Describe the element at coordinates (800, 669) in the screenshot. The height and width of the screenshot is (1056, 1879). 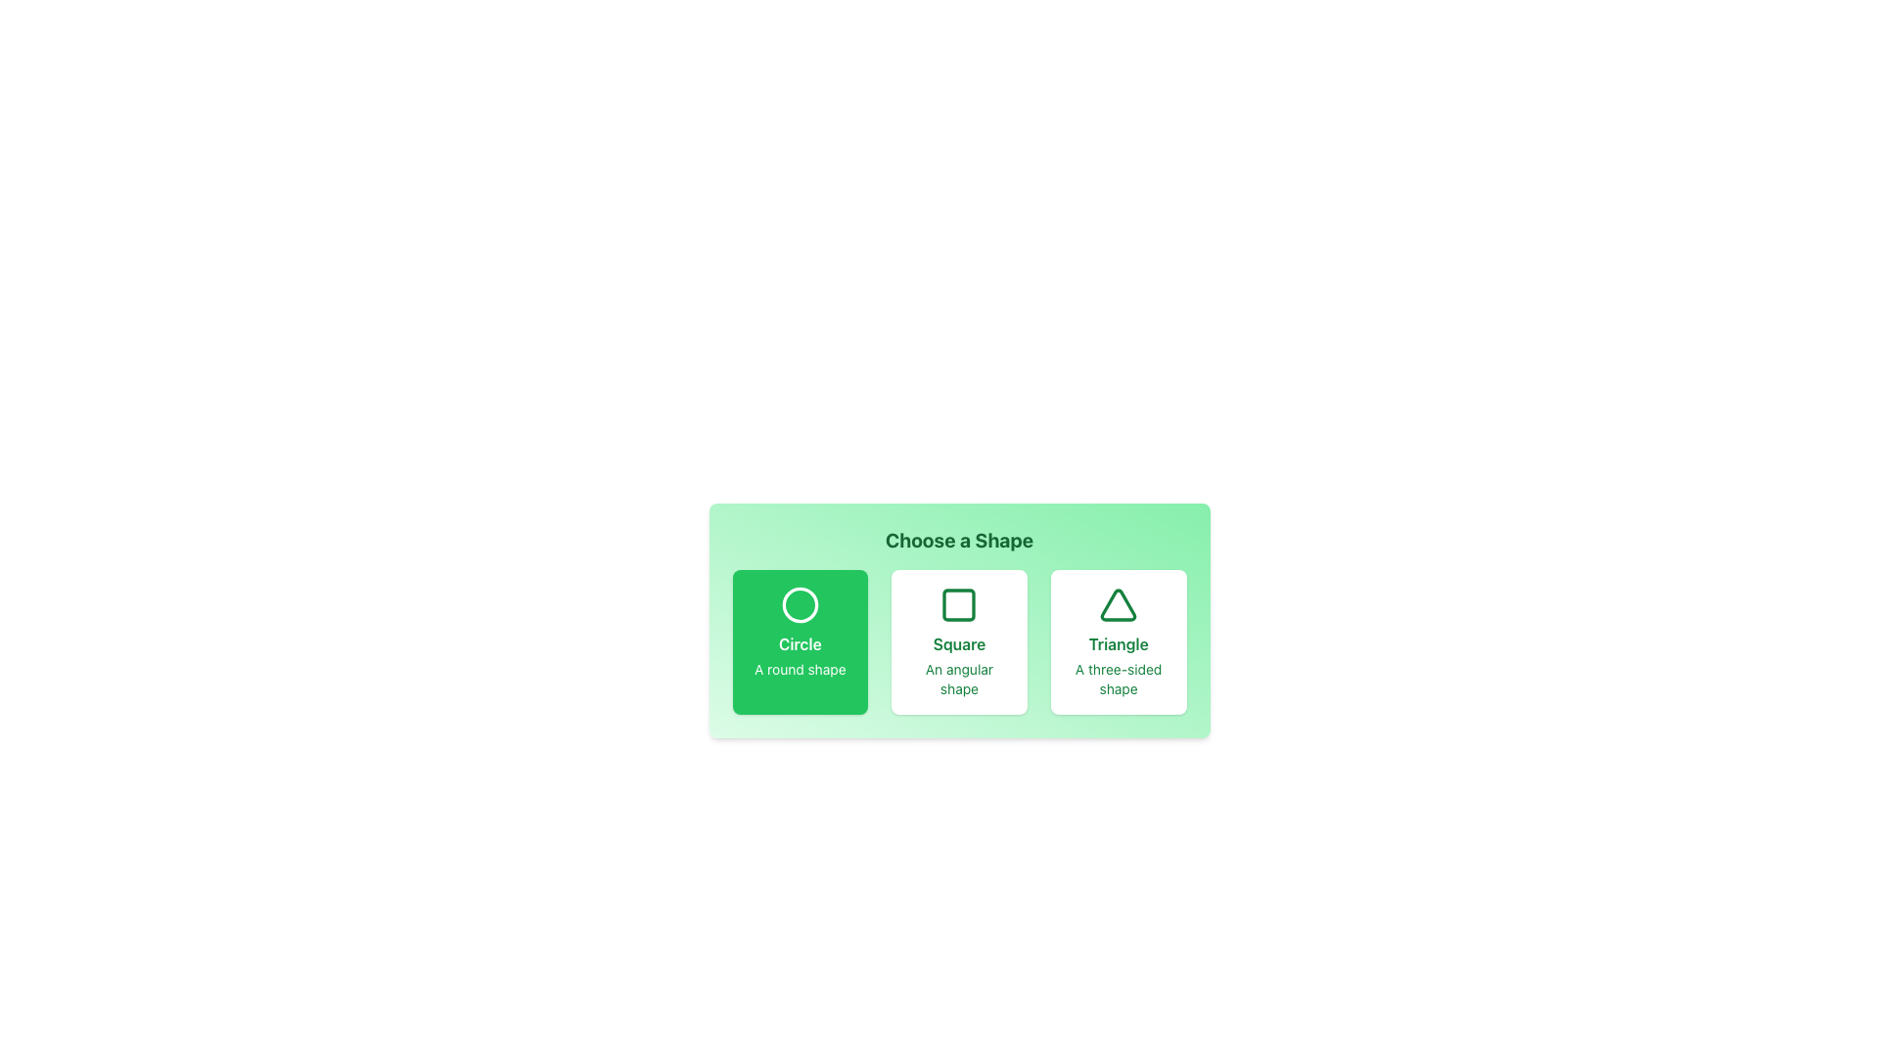
I see `the descriptive text label located beneath the 'Circle' text in the leftmost green card of the 'Choose a Shape' selection menu` at that location.